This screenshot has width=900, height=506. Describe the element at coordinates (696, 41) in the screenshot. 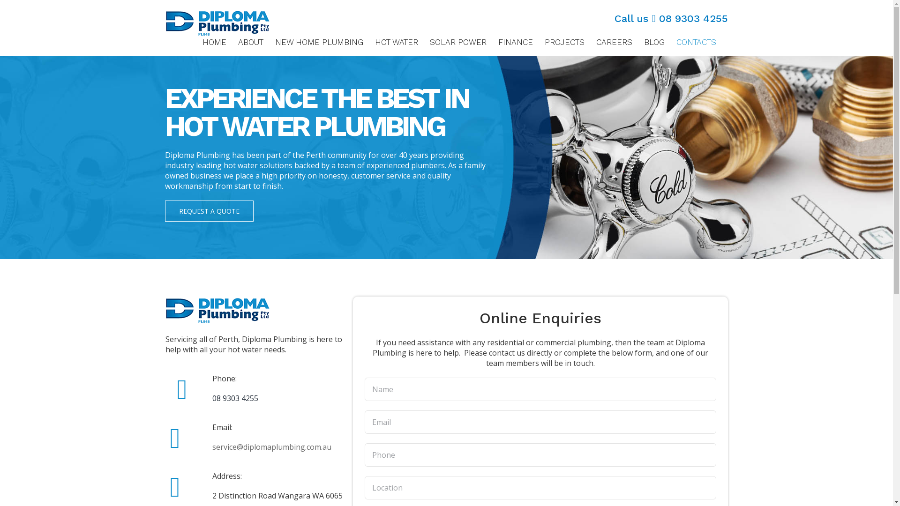

I see `'CONTACTS'` at that location.